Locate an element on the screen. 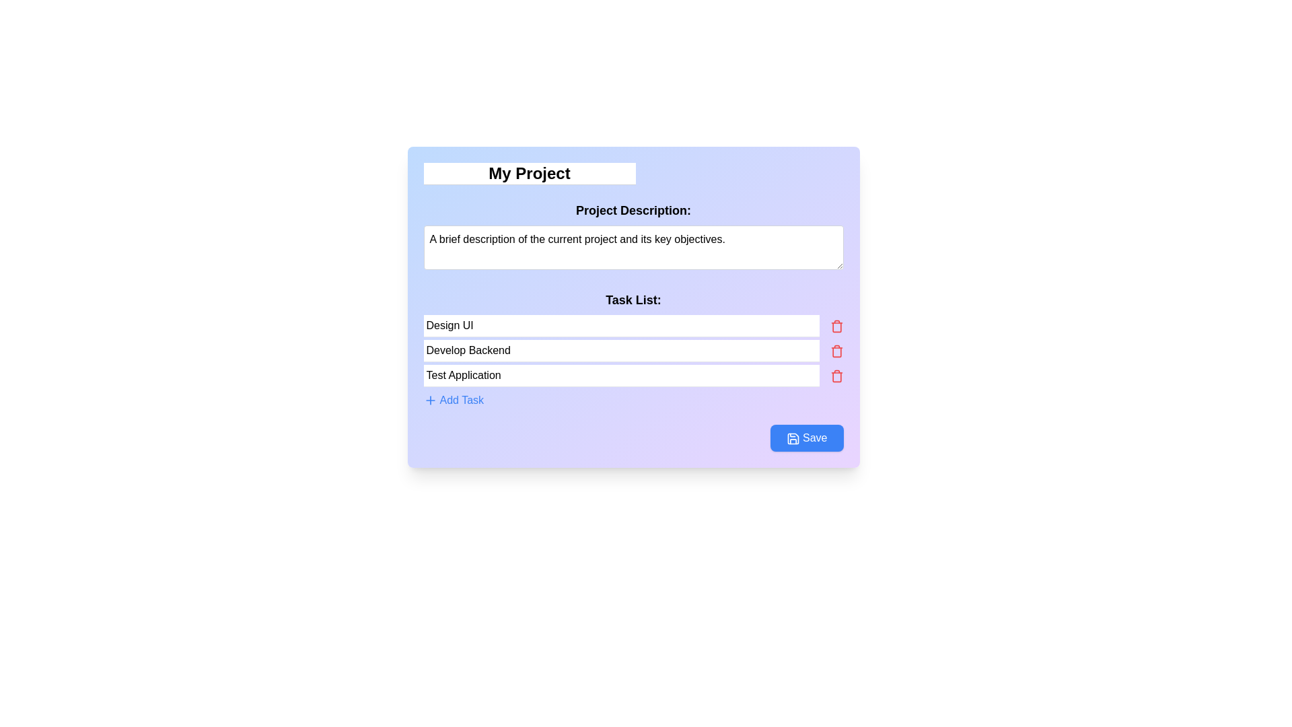 The width and height of the screenshot is (1292, 727). plus icon located within the 'Add Task' button, which is represented by a thin stroke SVG design intersecting at the center, to the immediate left of the 'Add Task' text is located at coordinates (429, 399).